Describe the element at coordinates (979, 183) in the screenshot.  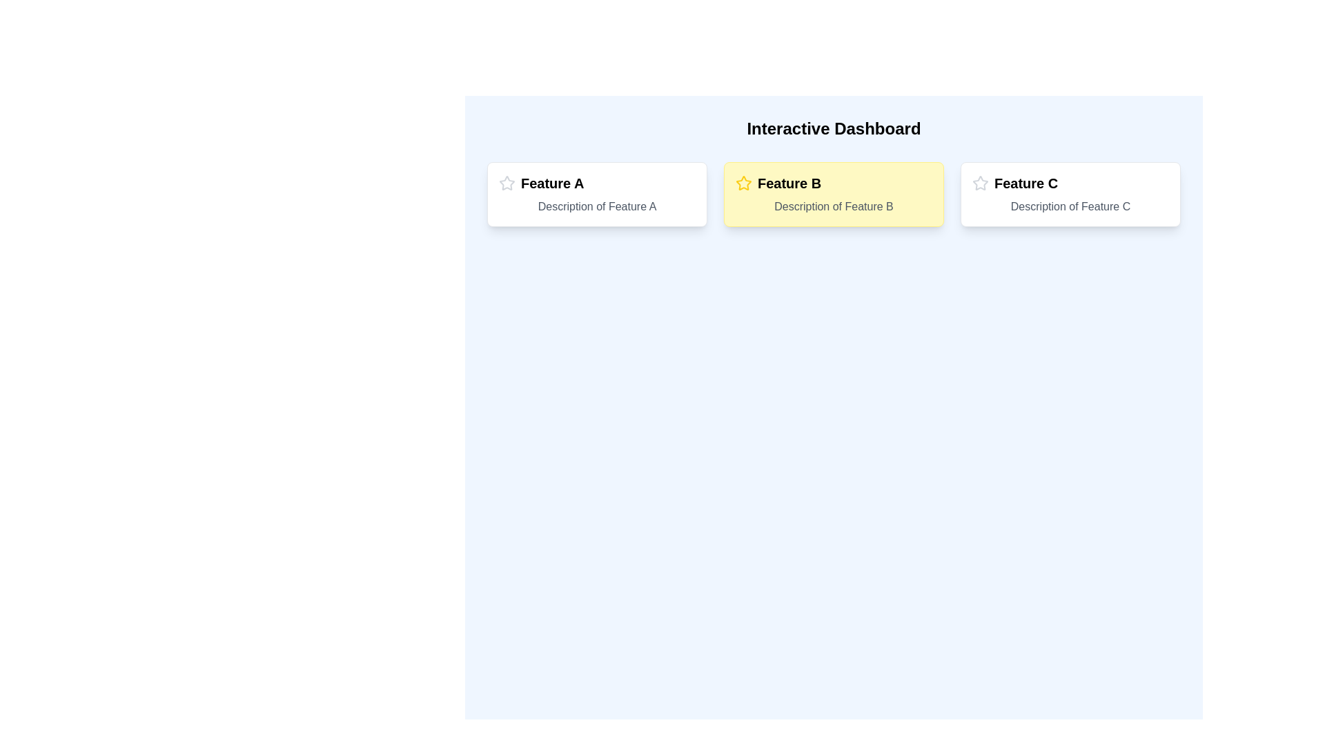
I see `the stylized star icon with a gray outline representing the rating or favorite feature, located at the leftmost side of the third feature block labeled 'Feature C.'` at that location.